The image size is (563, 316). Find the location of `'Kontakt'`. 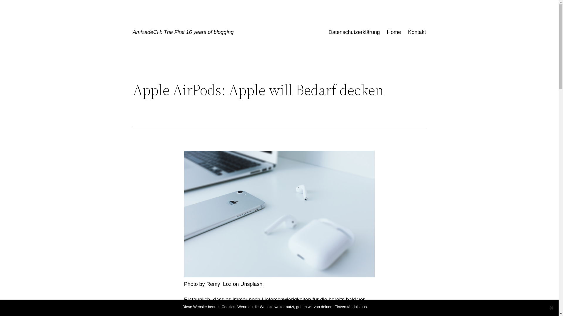

'Kontakt' is located at coordinates (408, 32).